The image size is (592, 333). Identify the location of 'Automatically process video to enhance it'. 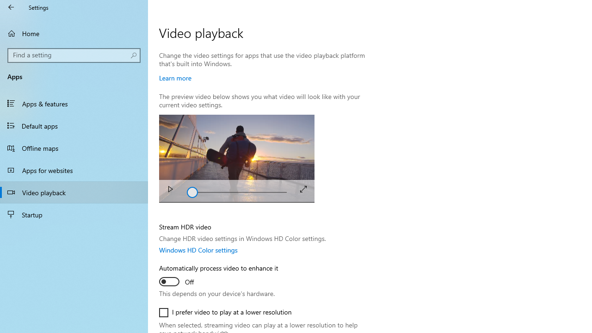
(218, 276).